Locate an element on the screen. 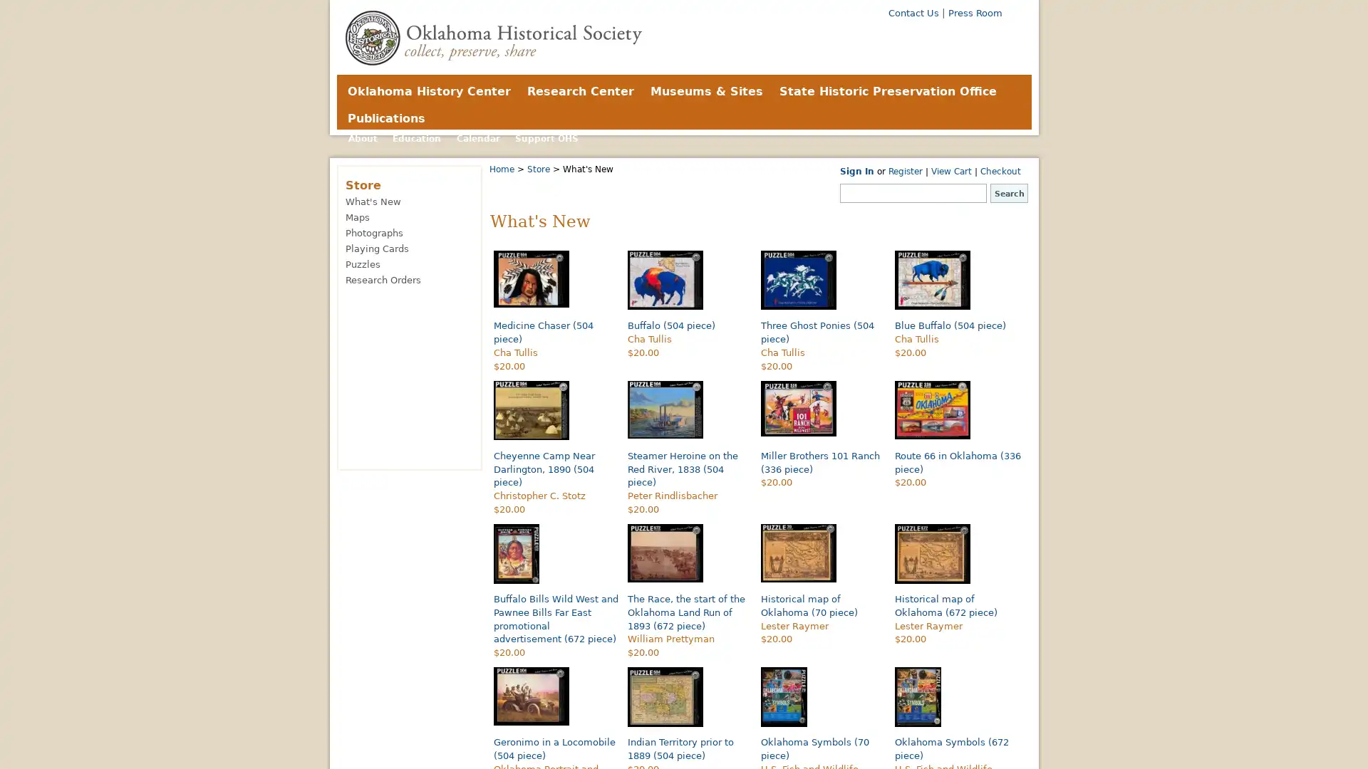 Image resolution: width=1368 pixels, height=769 pixels. Search is located at coordinates (1007, 193).